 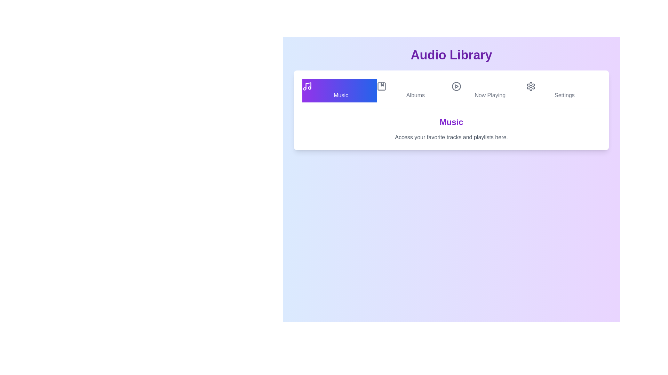 I want to click on the 'Music' text label displayed in a bold white font, which is part of a tab with a gradient background transitioning from purple to blue, so click(x=341, y=95).